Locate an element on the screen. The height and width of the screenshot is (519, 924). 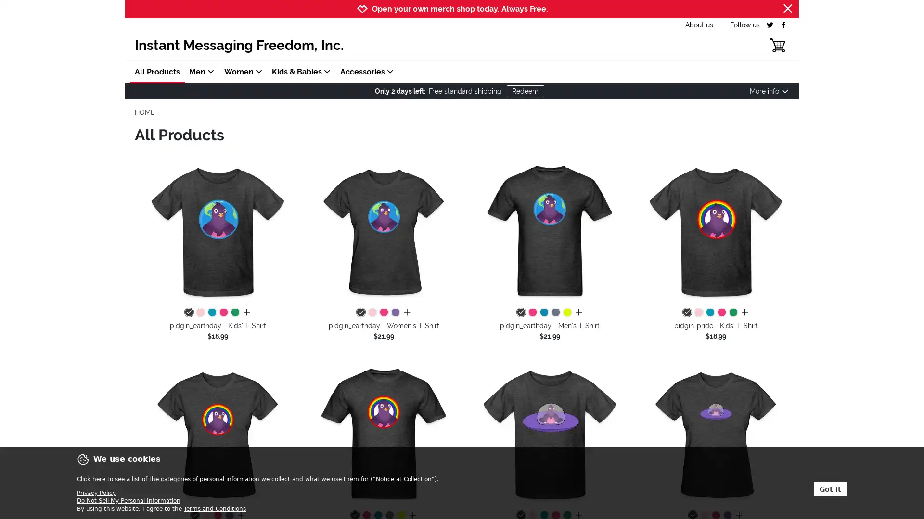
pidgin_earthday - Women's T-Shirt is located at coordinates (383, 232).